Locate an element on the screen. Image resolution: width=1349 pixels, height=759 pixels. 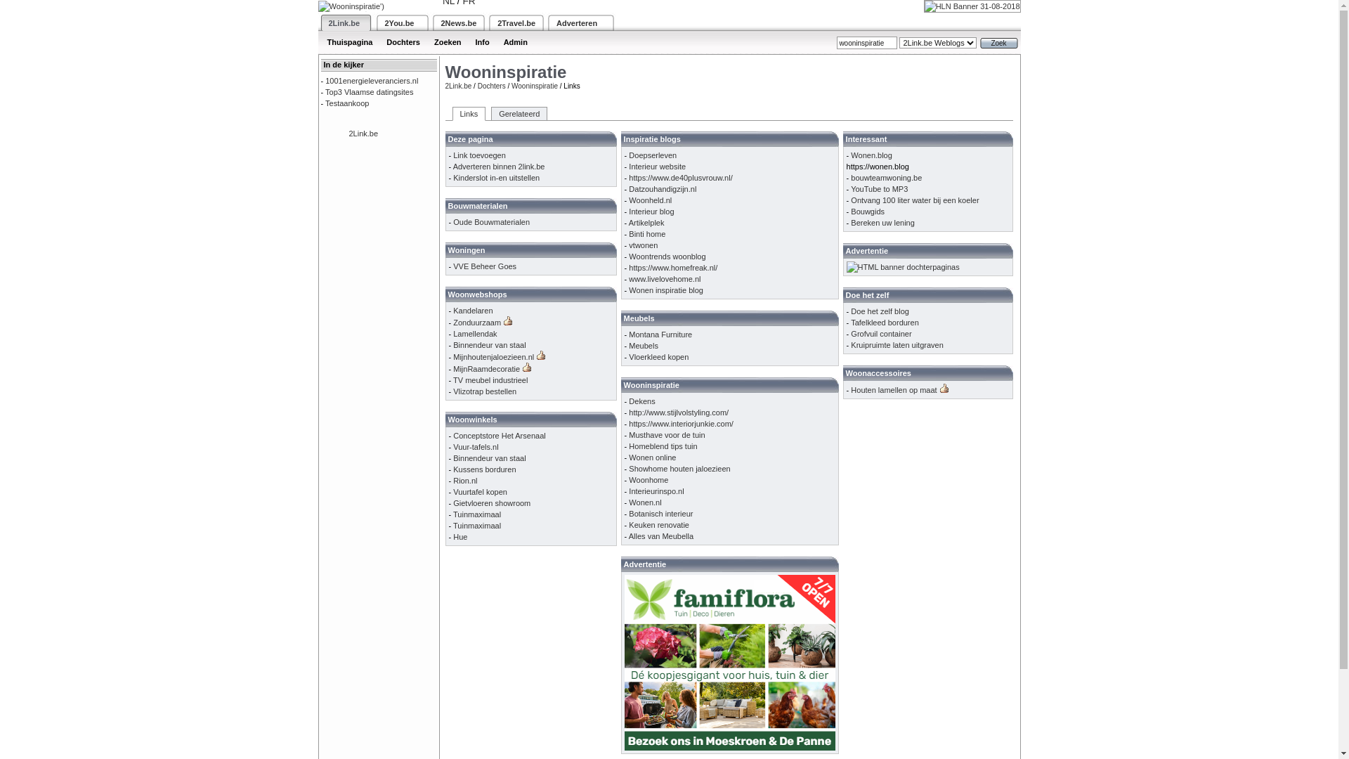
'Wonen online' is located at coordinates (651, 458).